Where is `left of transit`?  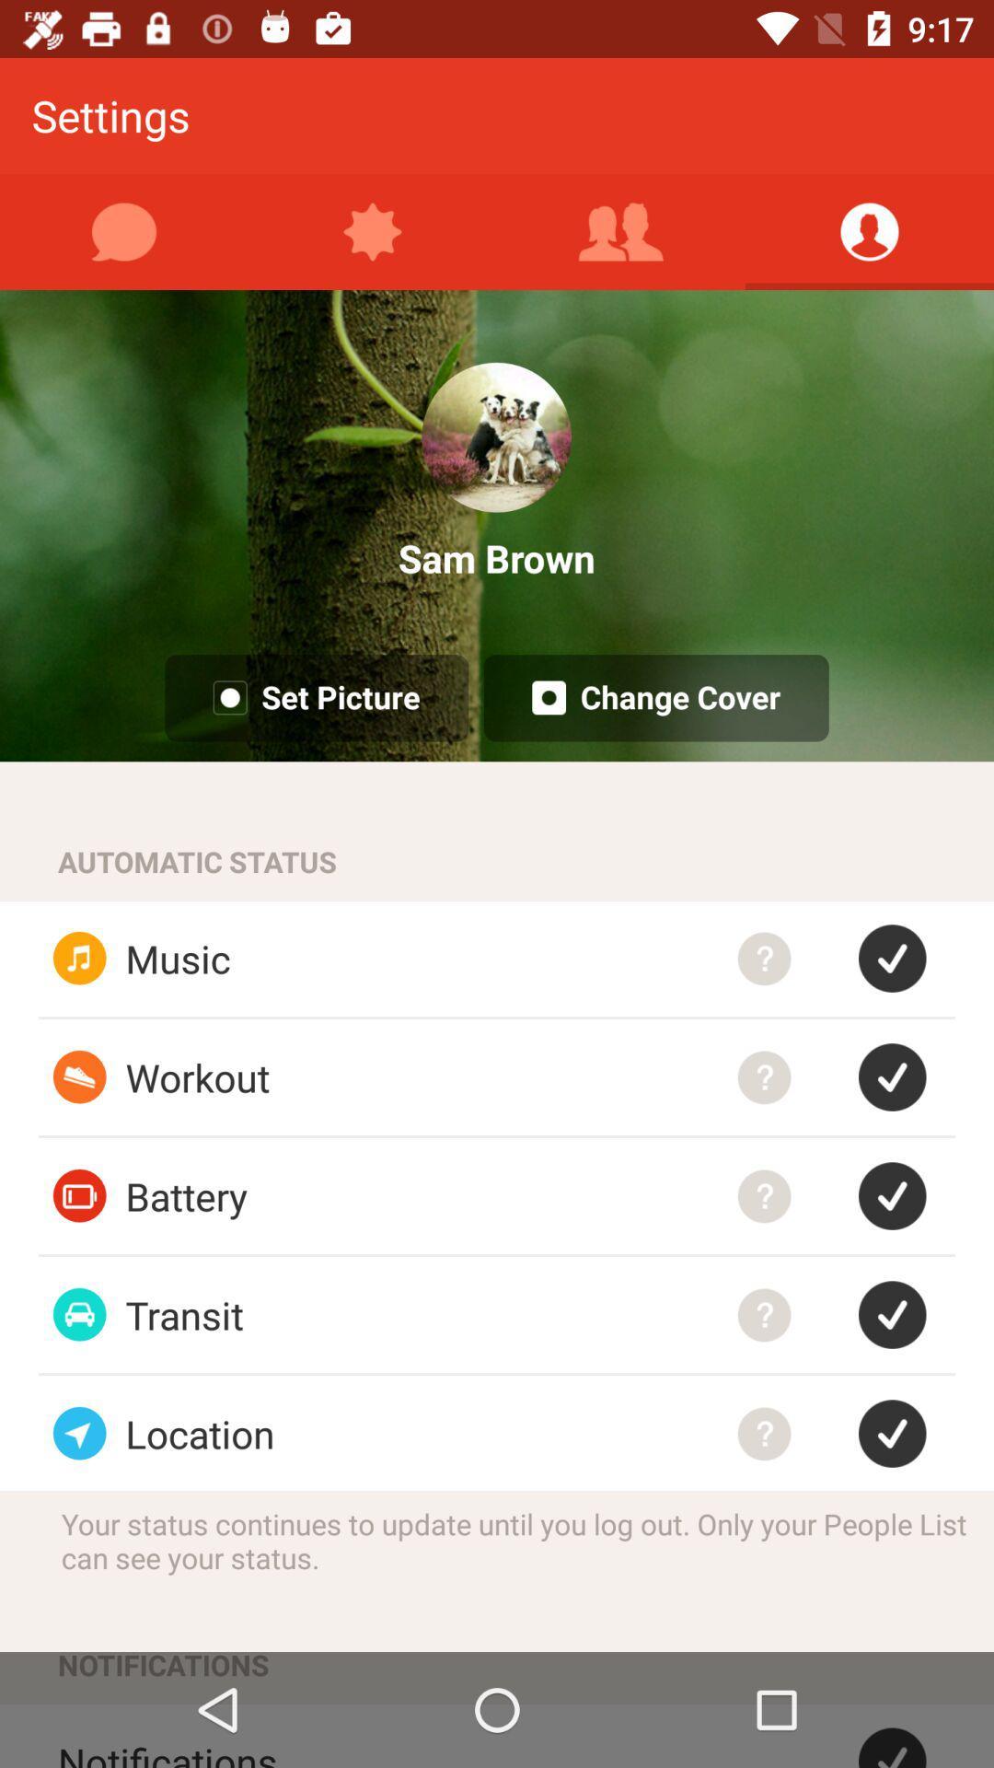
left of transit is located at coordinates (79, 1314).